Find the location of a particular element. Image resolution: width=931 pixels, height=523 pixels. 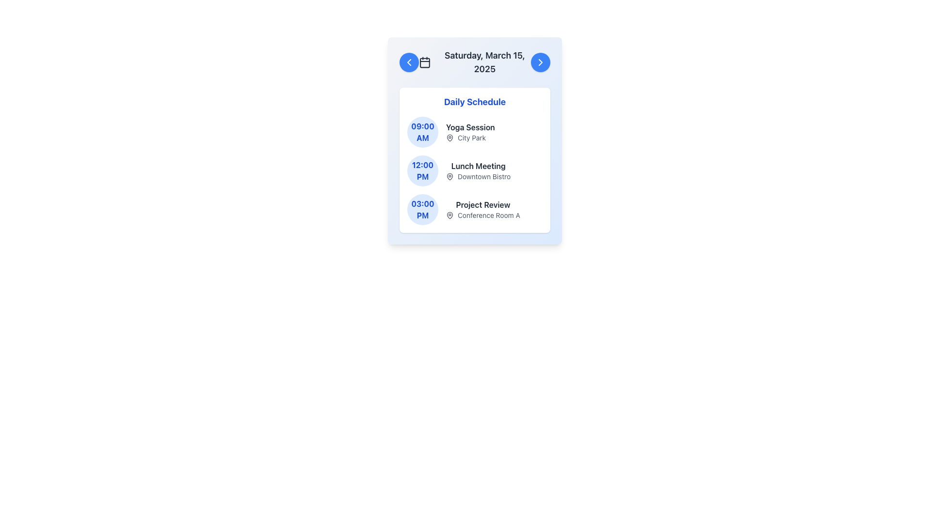

the location indicator icon in the center of the '12:00 PM Lunch Meeting' schedule entry is located at coordinates (449, 176).